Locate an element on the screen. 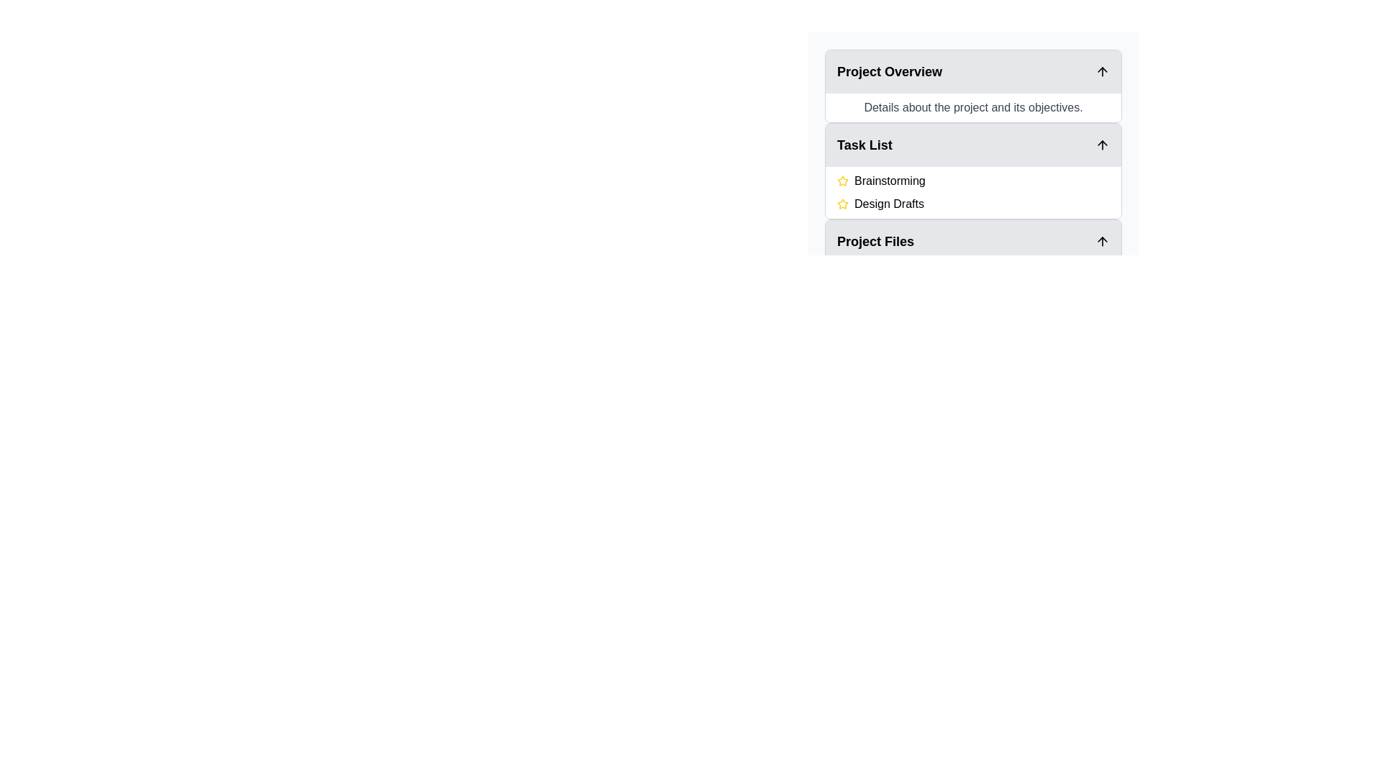 This screenshot has height=777, width=1381. the collapsible panel toggle for the 'Project Files' section is located at coordinates (973, 240).